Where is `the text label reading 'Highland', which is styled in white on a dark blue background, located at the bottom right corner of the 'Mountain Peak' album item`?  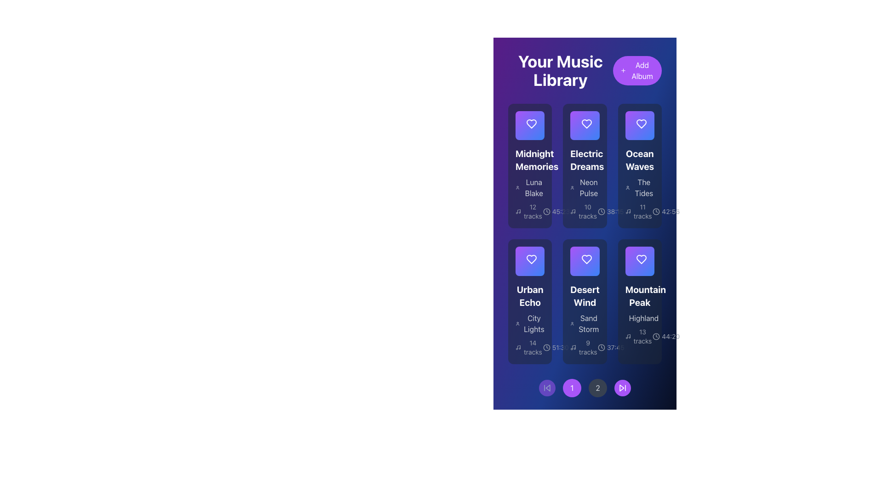 the text label reading 'Highland', which is styled in white on a dark blue background, located at the bottom right corner of the 'Mountain Peak' album item is located at coordinates (643, 317).